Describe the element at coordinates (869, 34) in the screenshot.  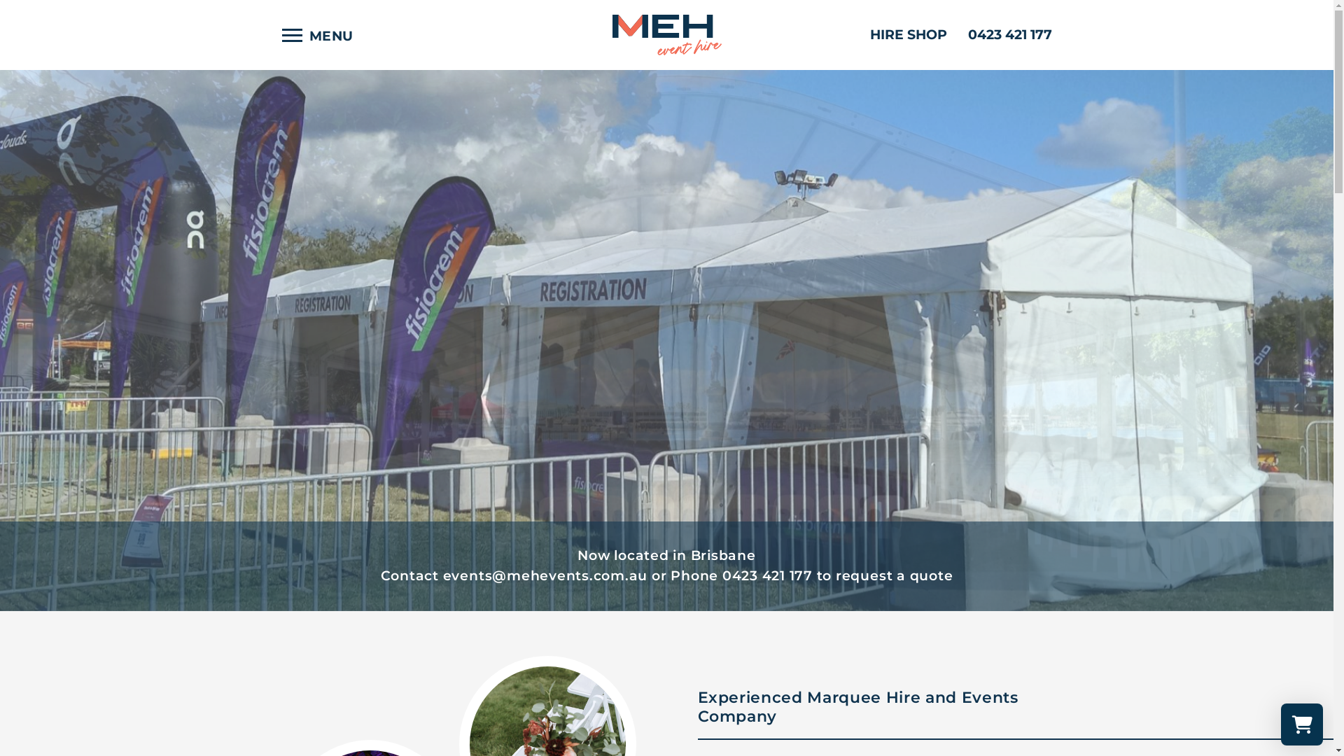
I see `'HIRE SHOP'` at that location.